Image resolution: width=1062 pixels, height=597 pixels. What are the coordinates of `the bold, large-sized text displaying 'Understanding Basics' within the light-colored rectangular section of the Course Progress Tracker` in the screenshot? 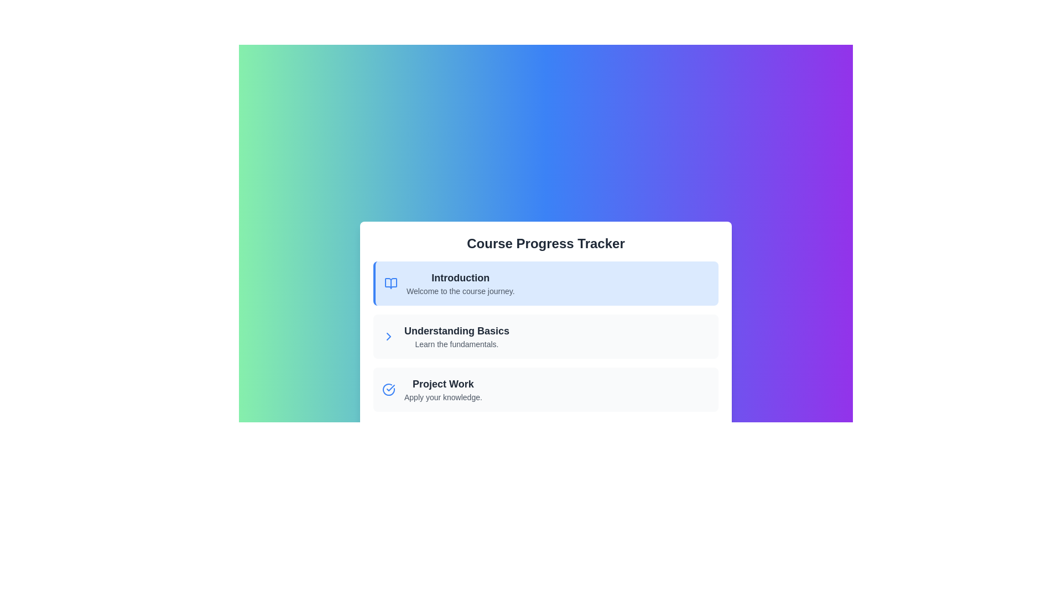 It's located at (456, 330).